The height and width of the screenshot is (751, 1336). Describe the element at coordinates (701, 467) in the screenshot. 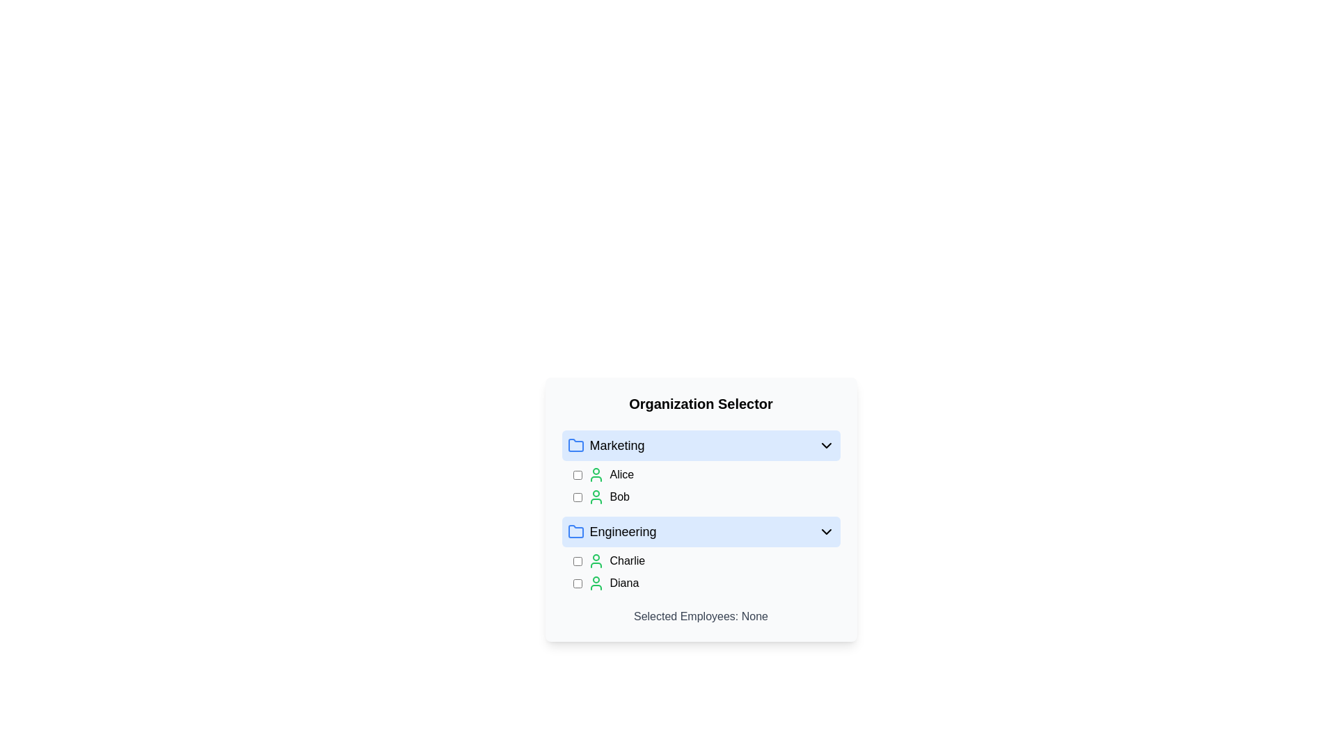

I see `the 'Marketing' section of the organization selector` at that location.